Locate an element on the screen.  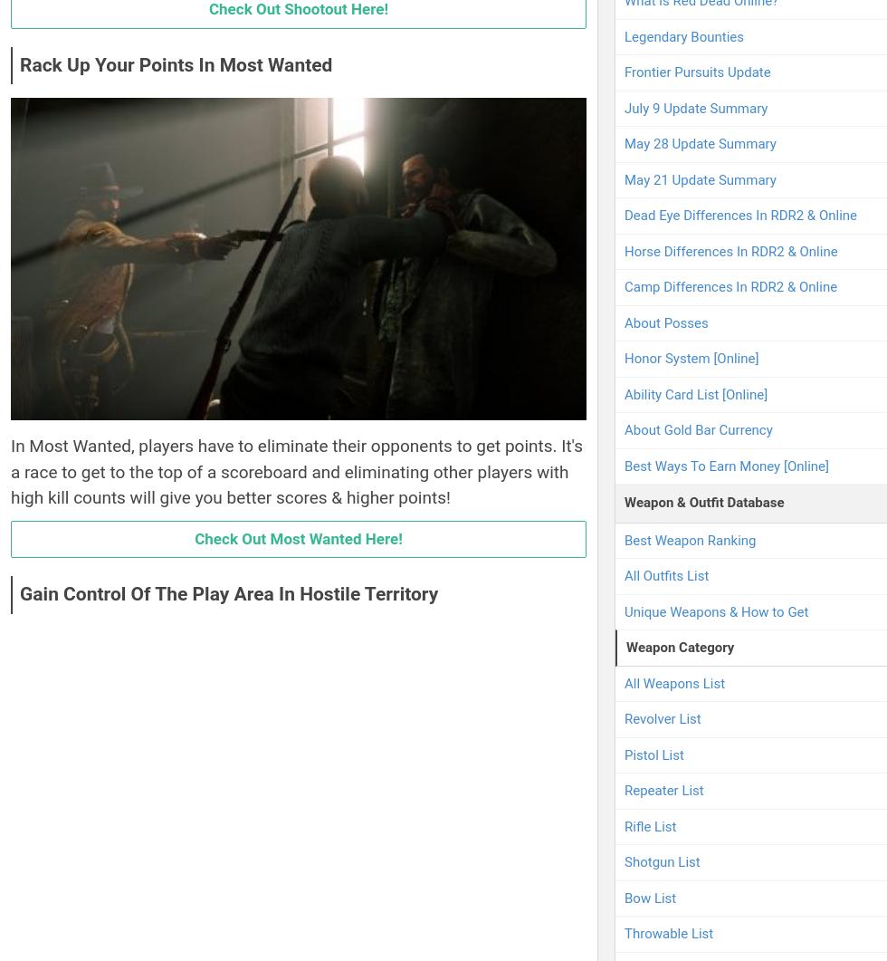
'Dead Eye Differences In RDR2 & Online' is located at coordinates (740, 214).